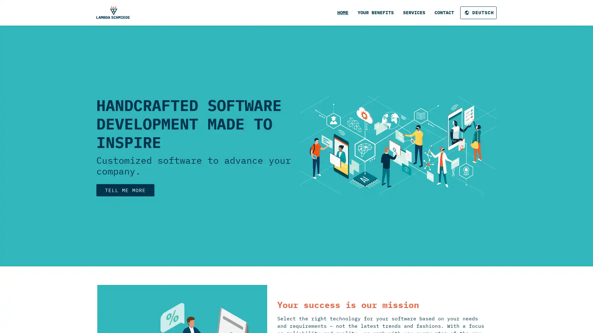 The image size is (593, 333). Describe the element at coordinates (478, 13) in the screenshot. I see `DEUTSCH` at that location.